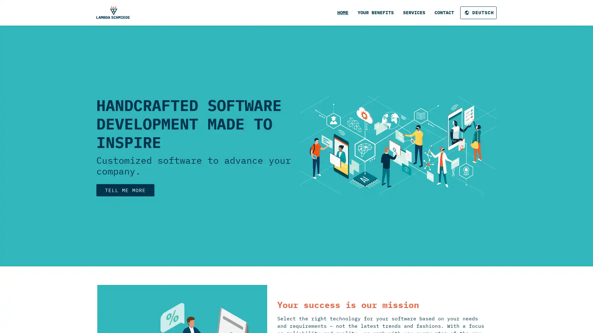 The image size is (593, 333). Describe the element at coordinates (478, 13) in the screenshot. I see `DEUTSCH` at that location.